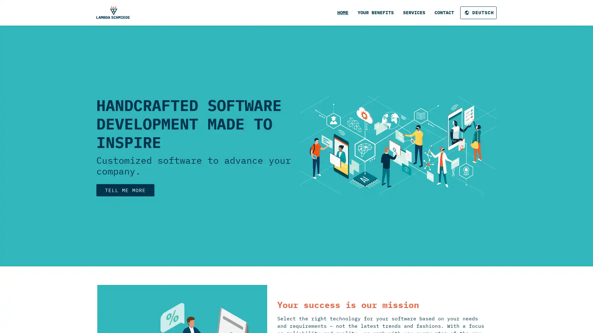 The image size is (593, 333). Describe the element at coordinates (478, 13) in the screenshot. I see `DEUTSCH` at that location.